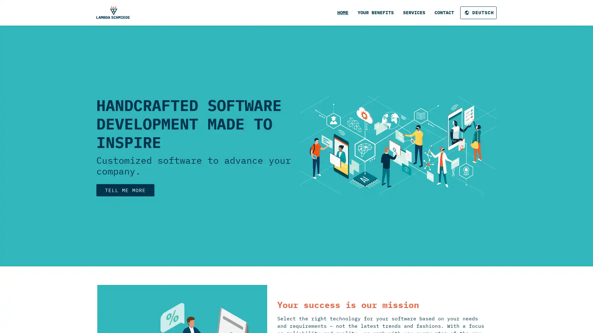 The image size is (593, 333). Describe the element at coordinates (478, 13) in the screenshot. I see `DEUTSCH` at that location.